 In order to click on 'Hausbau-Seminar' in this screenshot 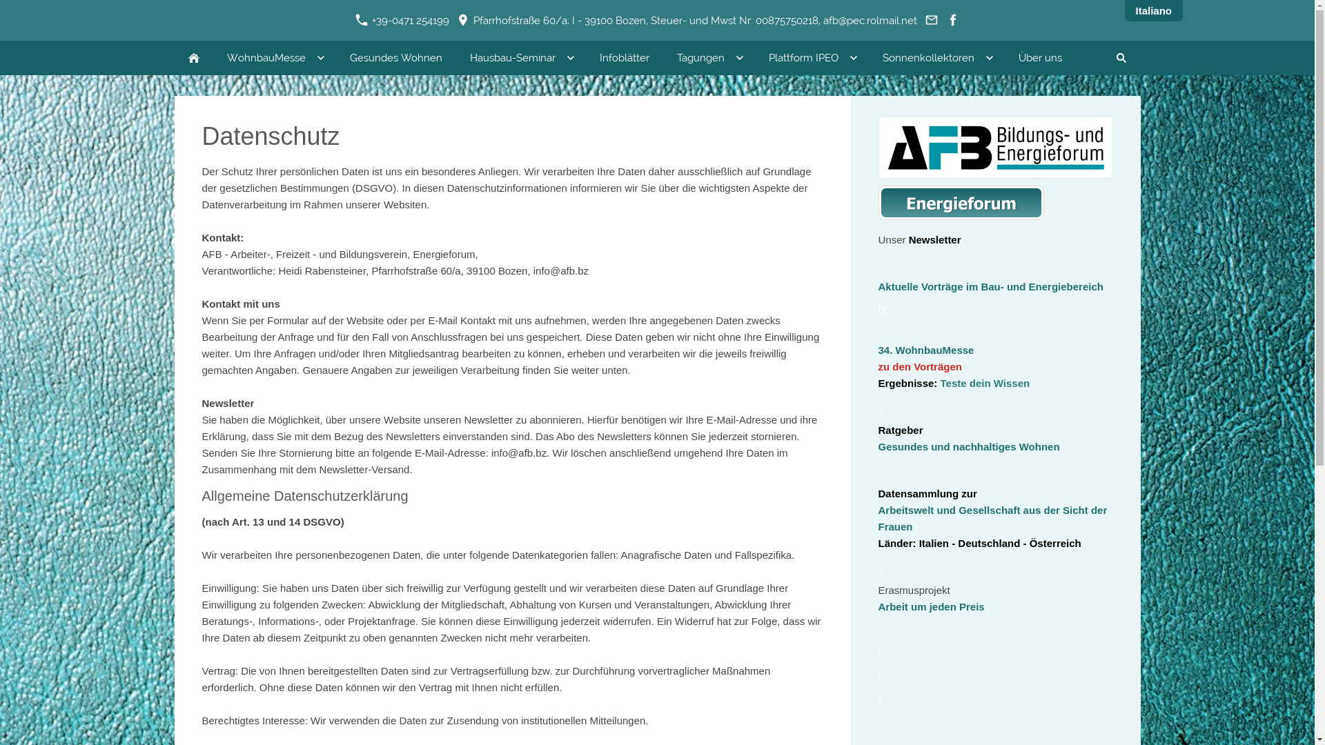, I will do `click(519, 57)`.